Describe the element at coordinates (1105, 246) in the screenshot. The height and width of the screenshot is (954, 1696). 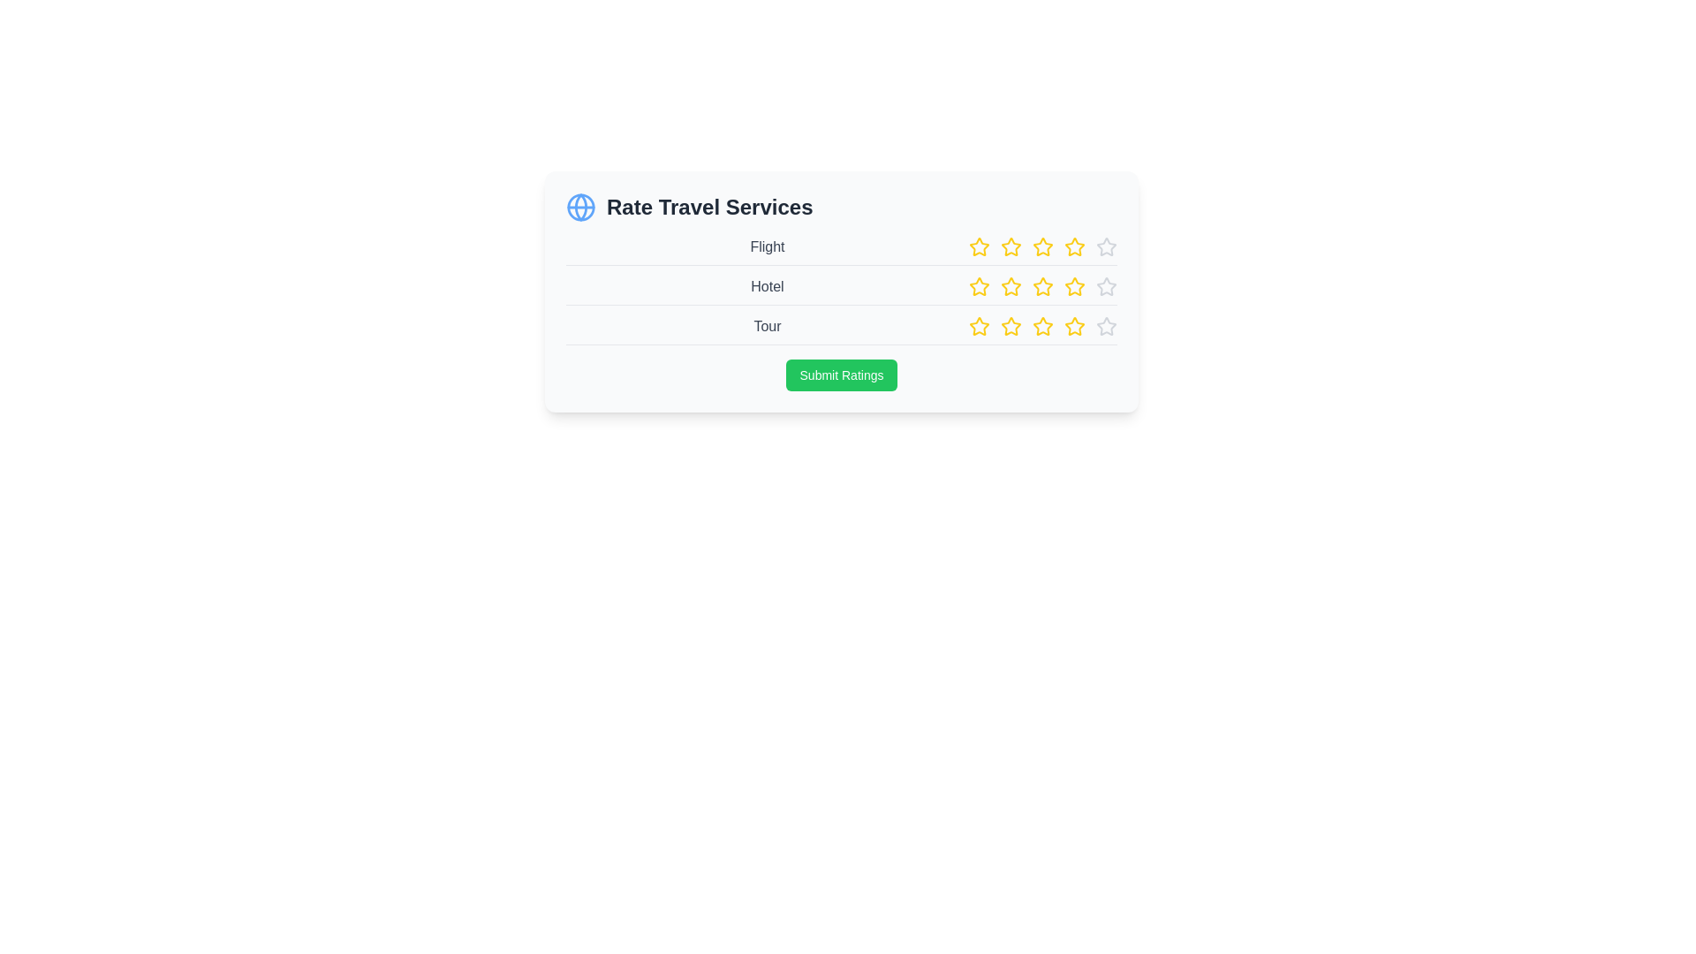
I see `the fifth star icon` at that location.